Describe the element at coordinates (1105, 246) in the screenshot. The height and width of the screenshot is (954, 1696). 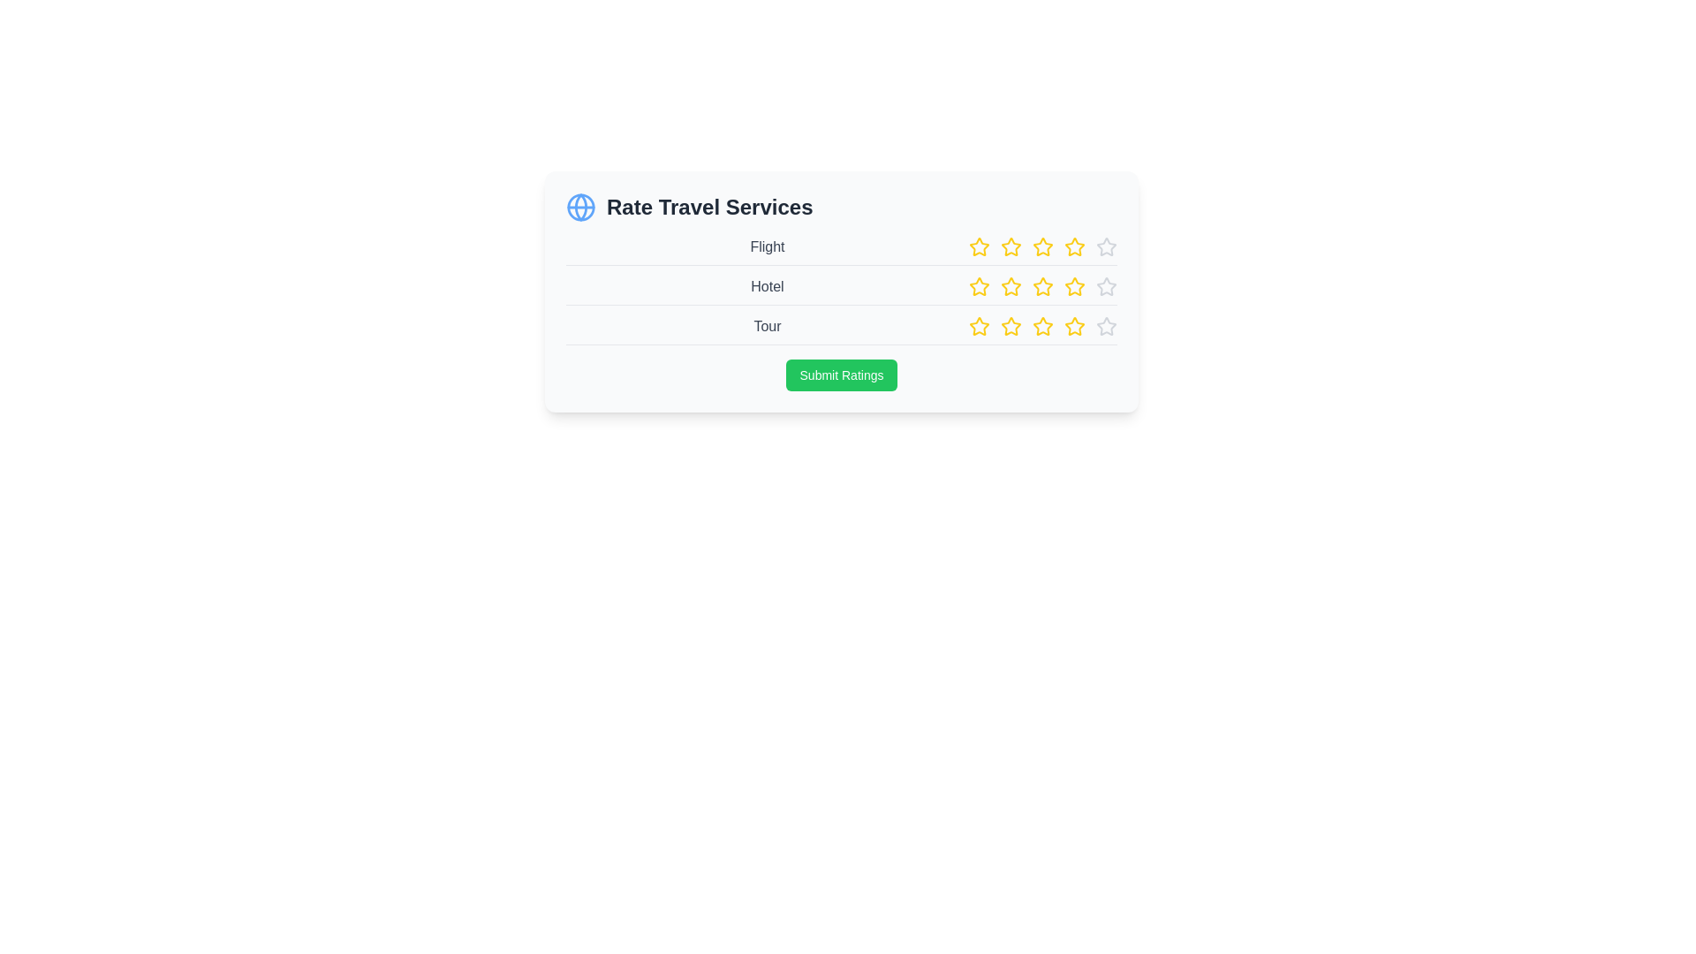
I see `the fifth star icon` at that location.